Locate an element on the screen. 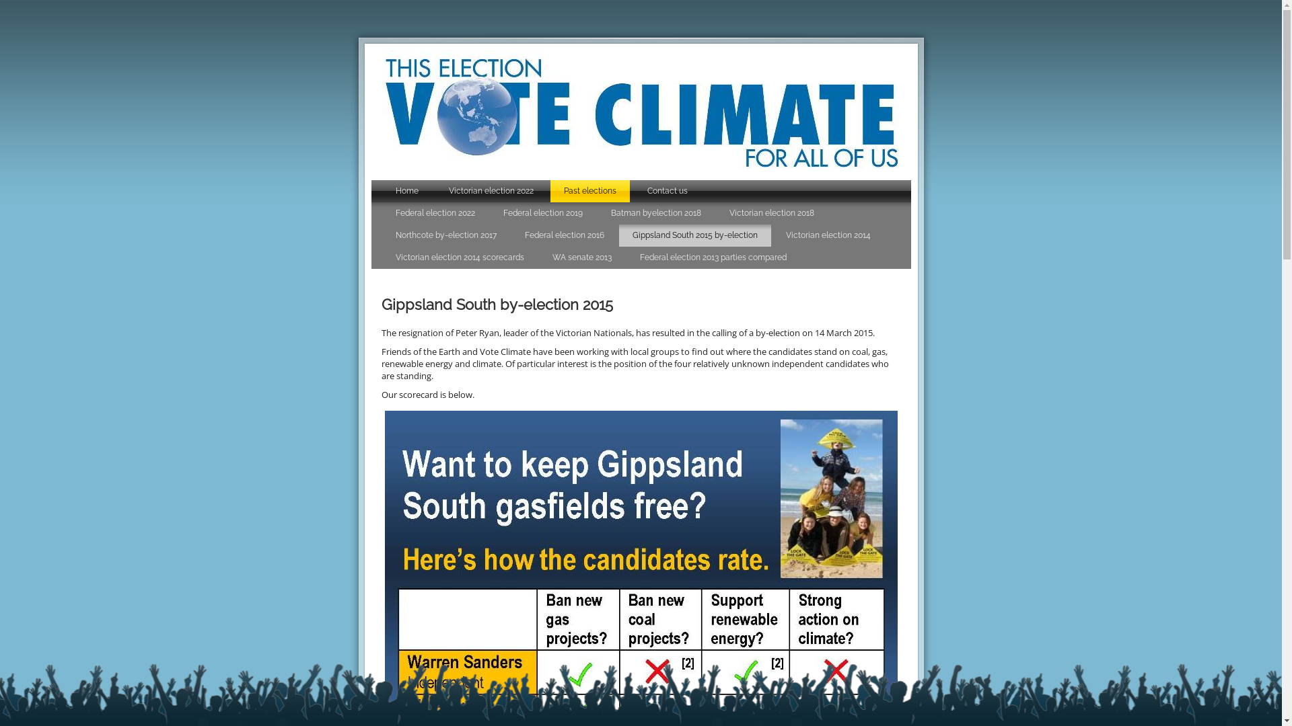 Image resolution: width=1292 pixels, height=726 pixels. 'Federal election 2016' is located at coordinates (565, 235).